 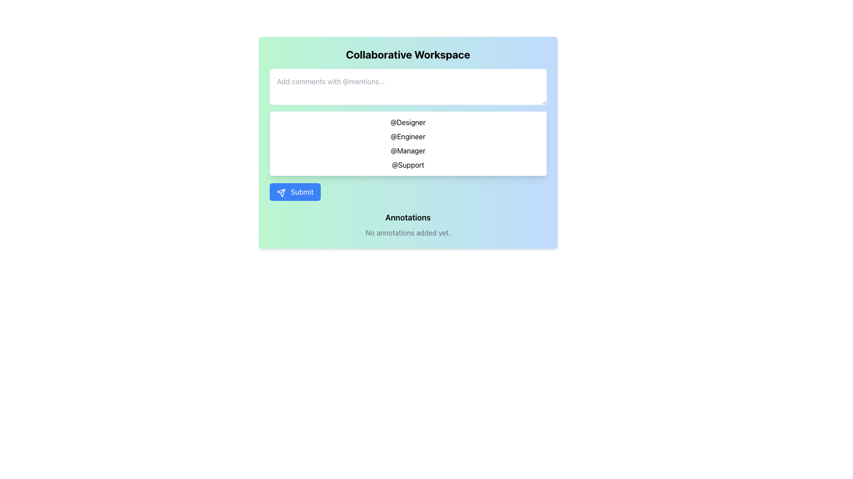 I want to click on the informational Text block at the bottom of the 'Collaborative Workspace' section, which indicates no annotations have been added yet, so click(x=407, y=224).